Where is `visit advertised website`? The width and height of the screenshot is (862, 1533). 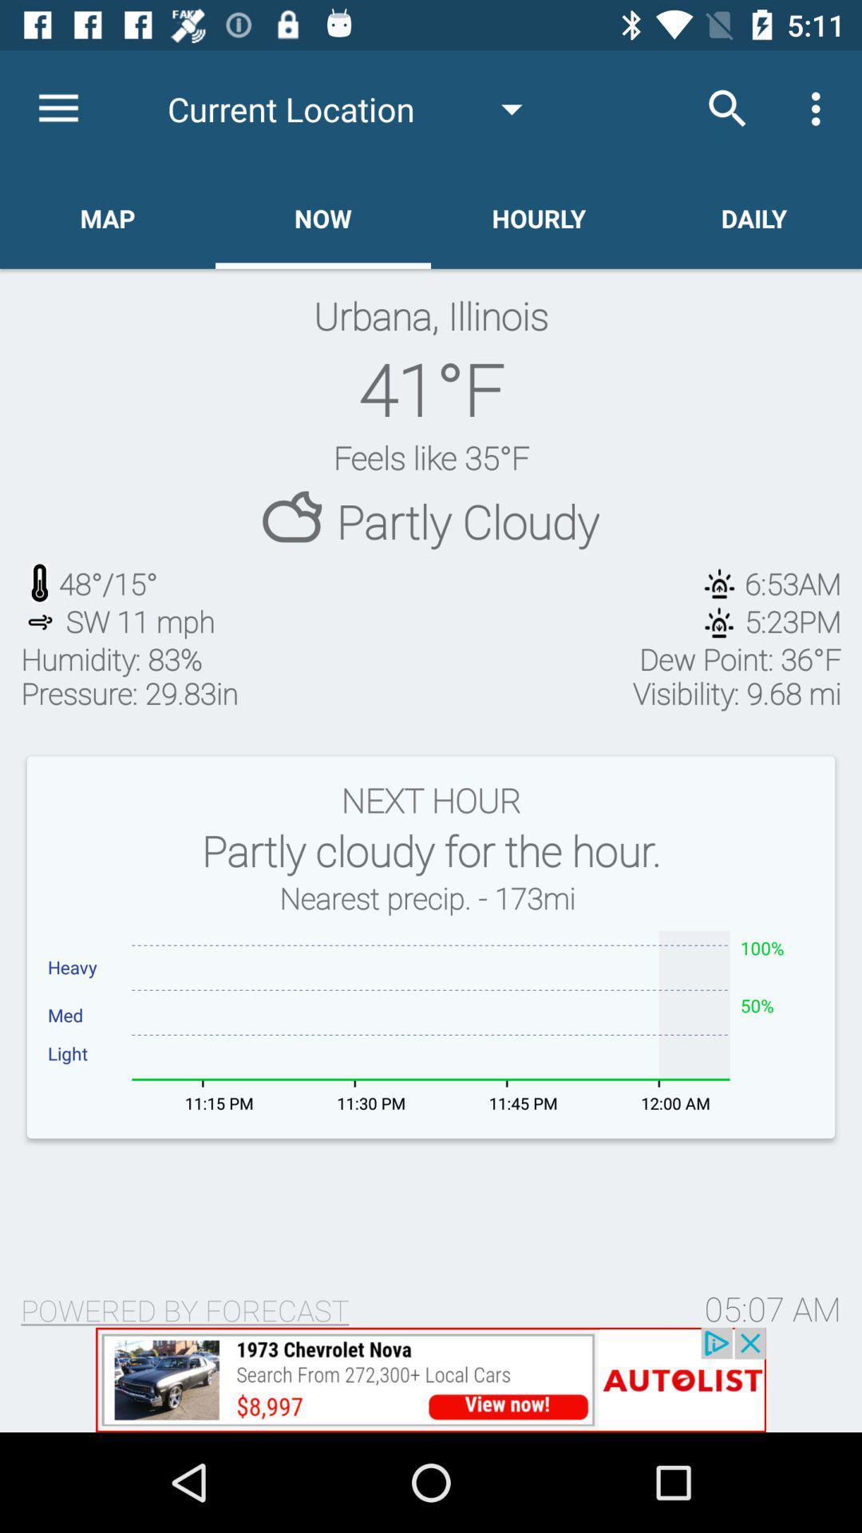
visit advertised website is located at coordinates (431, 1379).